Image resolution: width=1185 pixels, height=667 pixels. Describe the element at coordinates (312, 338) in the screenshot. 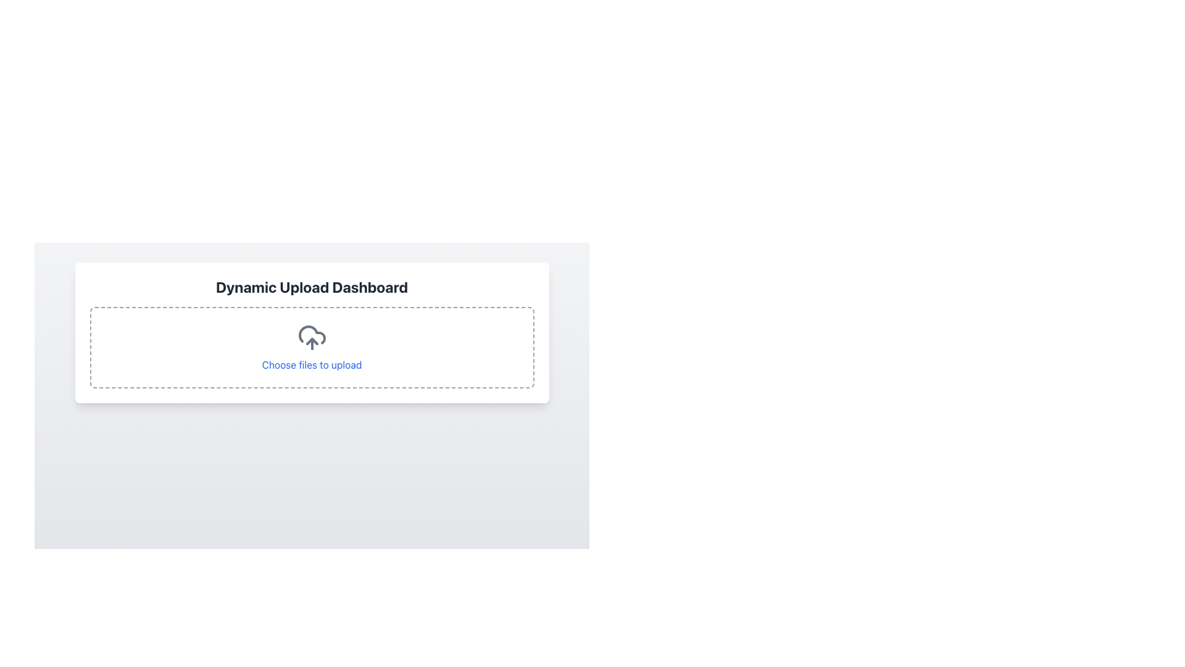

I see `the cloud icon with an upward-pointing arrow, which symbolizes an upload action, located within a dashed border box in the Dynamic Upload Dashboard` at that location.